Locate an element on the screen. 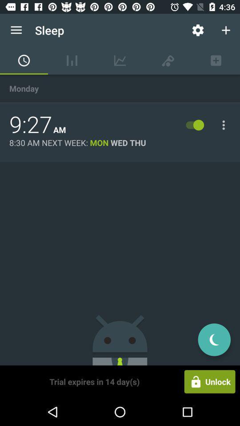  the app to the right of sleep is located at coordinates (198, 30).